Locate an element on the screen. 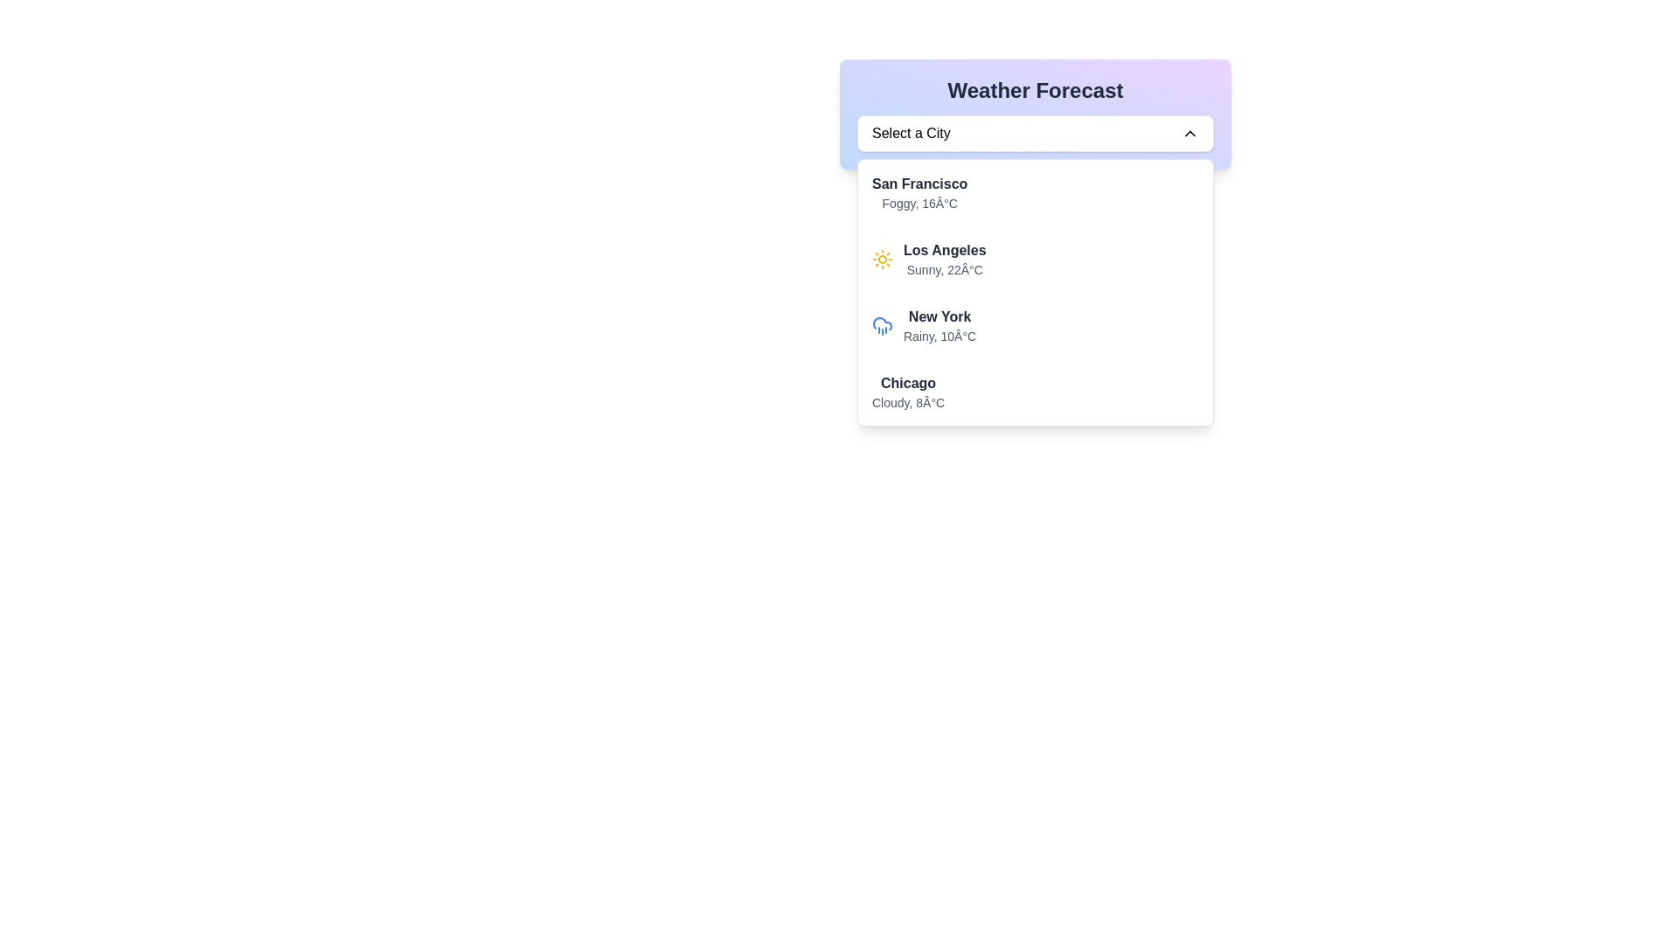  the Text Label displaying 'Chicago' in bold gray font, located below the 'Weather Forecast' heading in the weather forecast interface is located at coordinates (908, 383).